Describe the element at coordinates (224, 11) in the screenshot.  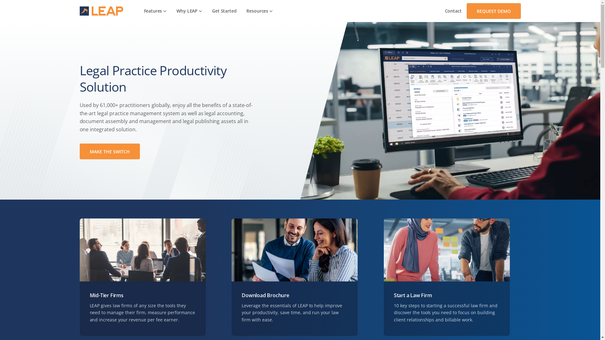
I see `'Get Started'` at that location.